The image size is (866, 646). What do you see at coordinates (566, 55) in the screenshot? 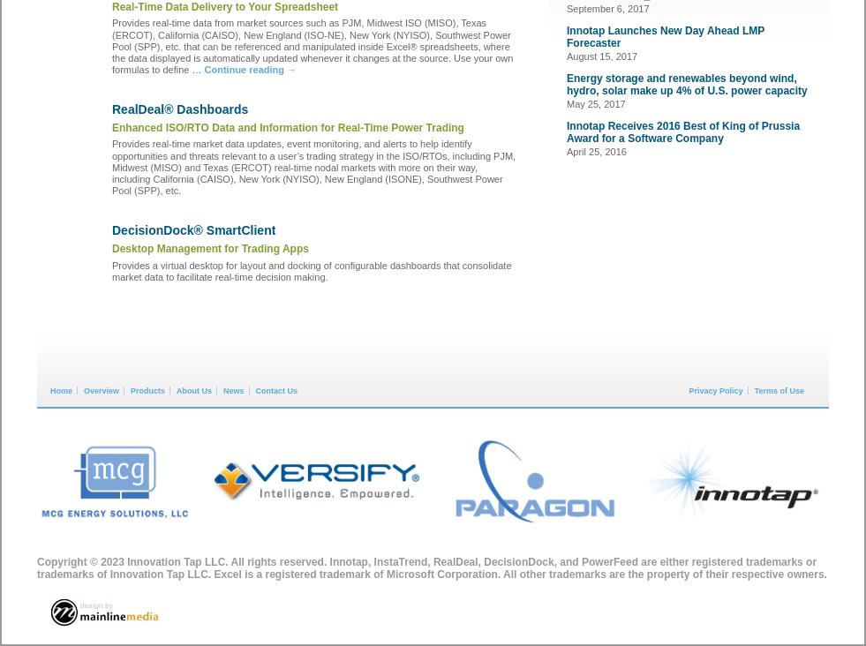
I see `'August 15, 2017'` at bounding box center [566, 55].